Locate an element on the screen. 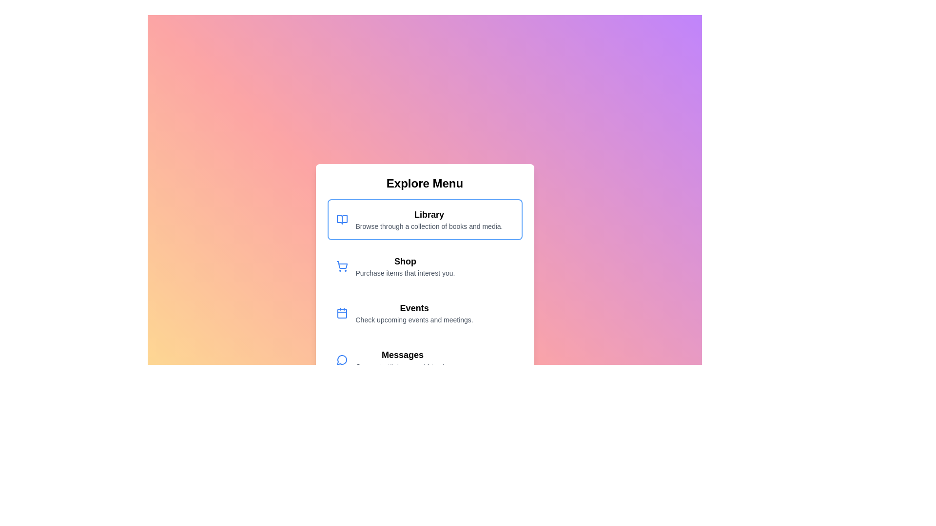  the menu option Library to observe its hover effect is located at coordinates (425, 220).